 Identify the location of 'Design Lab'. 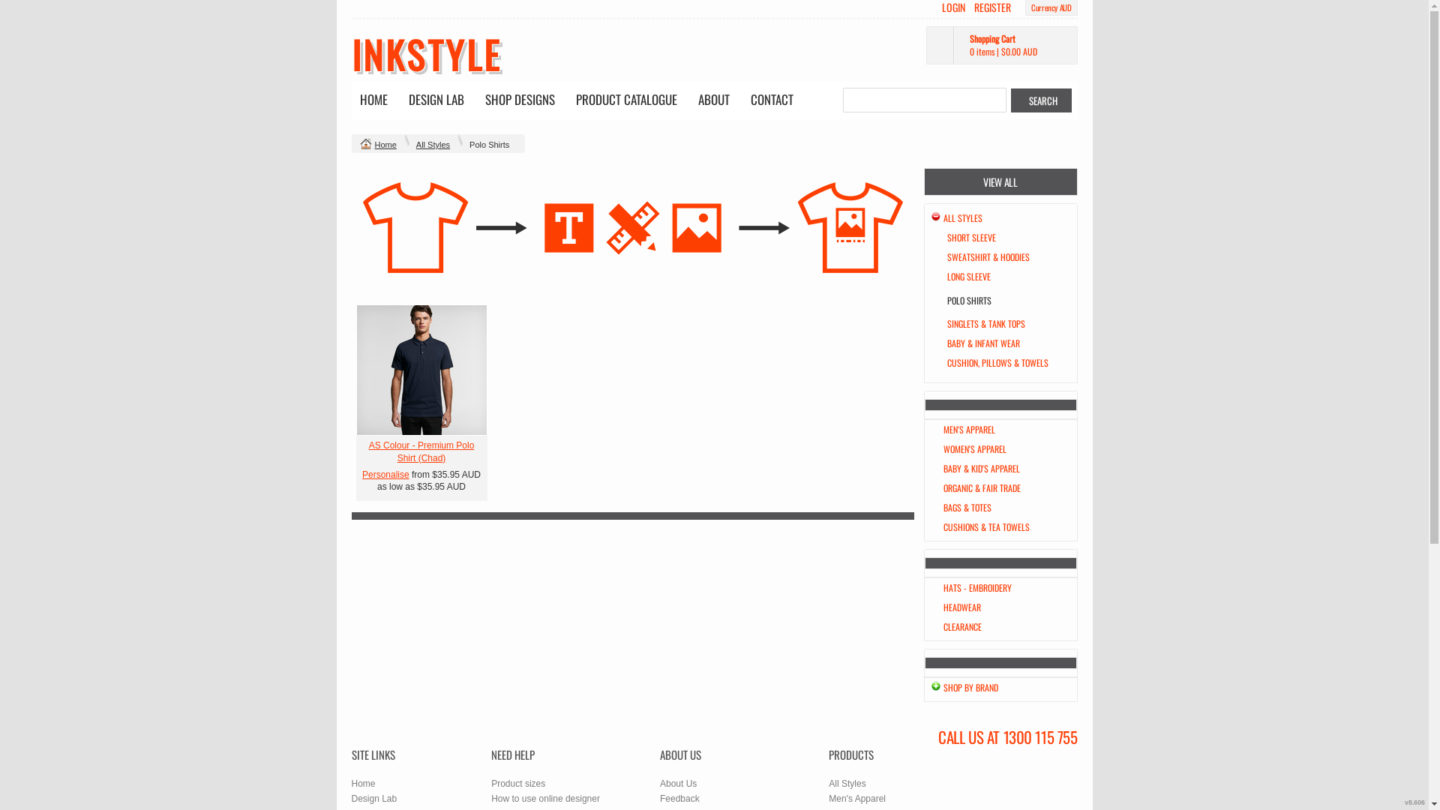
(373, 797).